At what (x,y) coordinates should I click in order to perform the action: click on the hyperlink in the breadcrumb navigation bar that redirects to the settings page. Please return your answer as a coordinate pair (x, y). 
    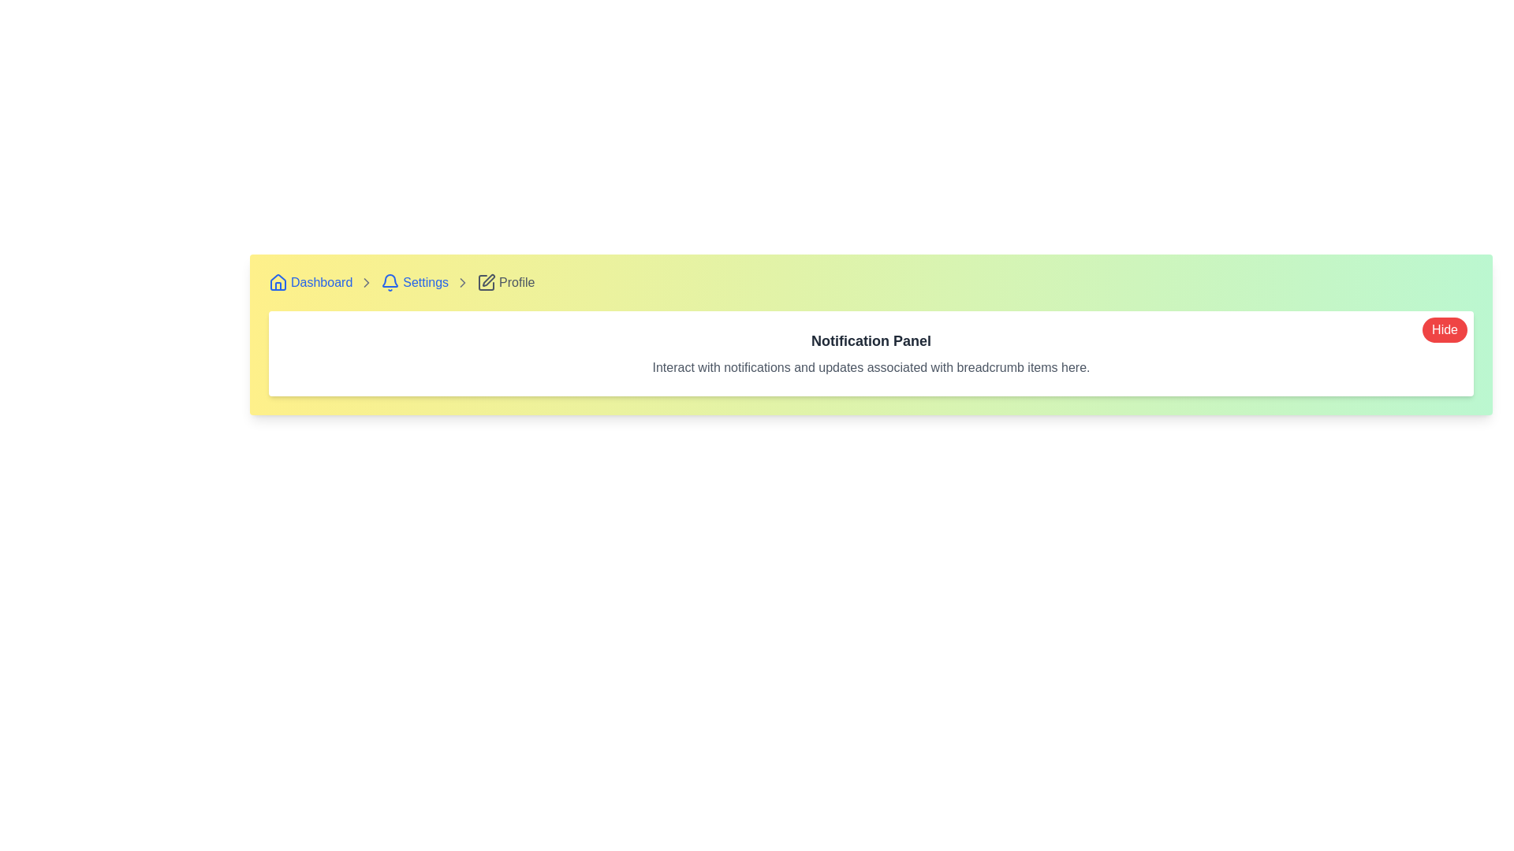
    Looking at the image, I should click on (415, 281).